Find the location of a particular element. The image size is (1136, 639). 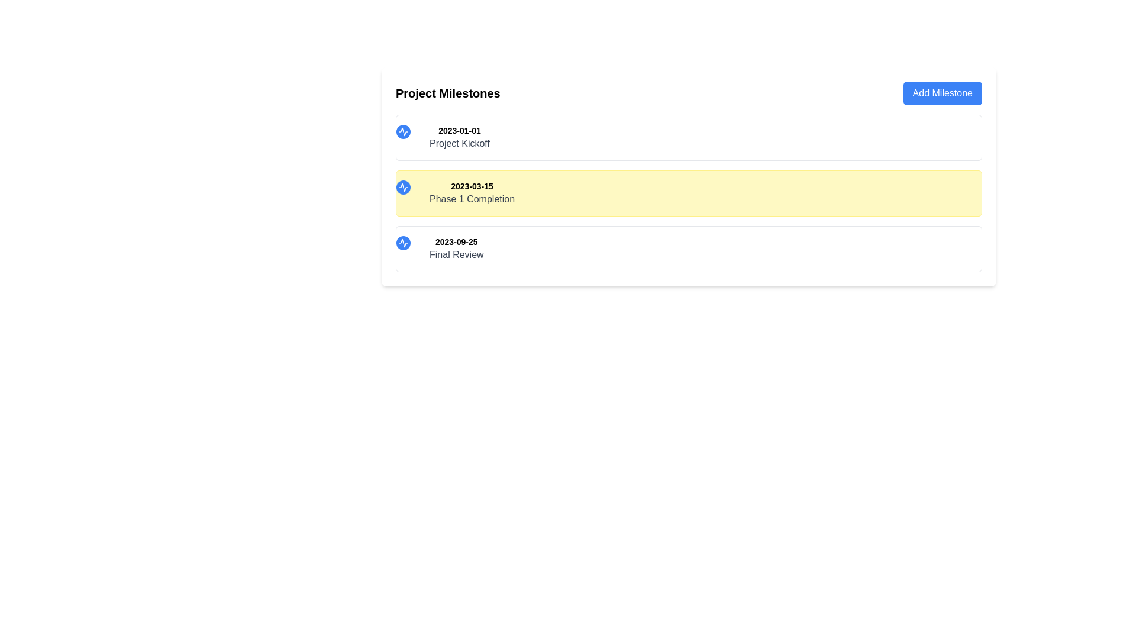

the milestone icon located next to the date '2023-03-15' on the left side of the middle milestone item in the project timeline is located at coordinates (403, 186).